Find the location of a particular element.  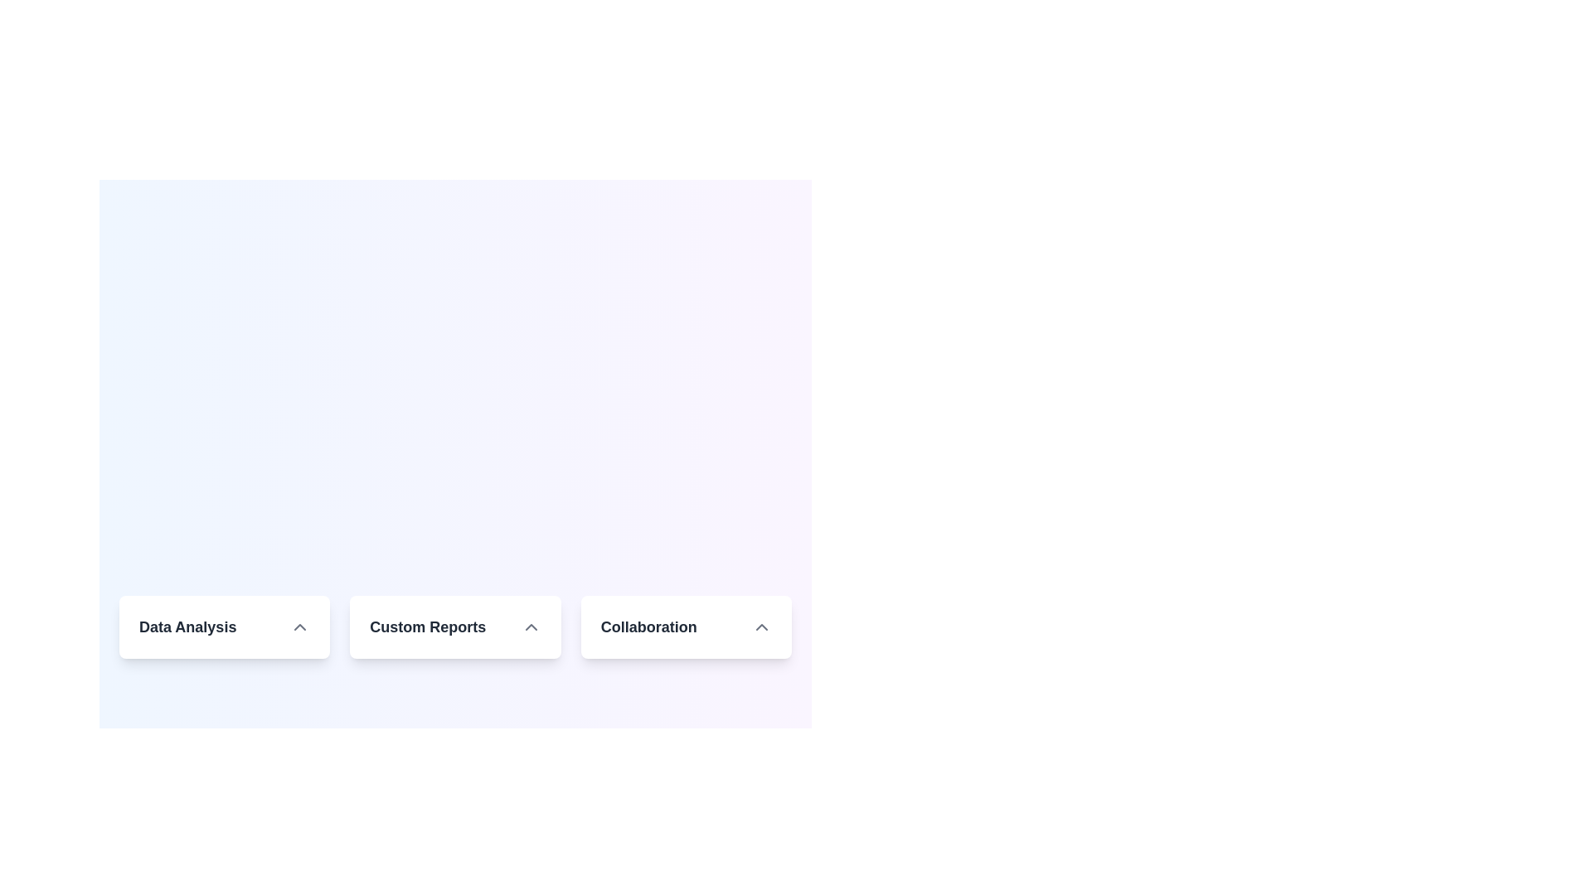

the 'Custom Reports' button, which is a rectangular card with a white background and rounded corners, located in the middle of a grid of three cards is located at coordinates (455, 626).